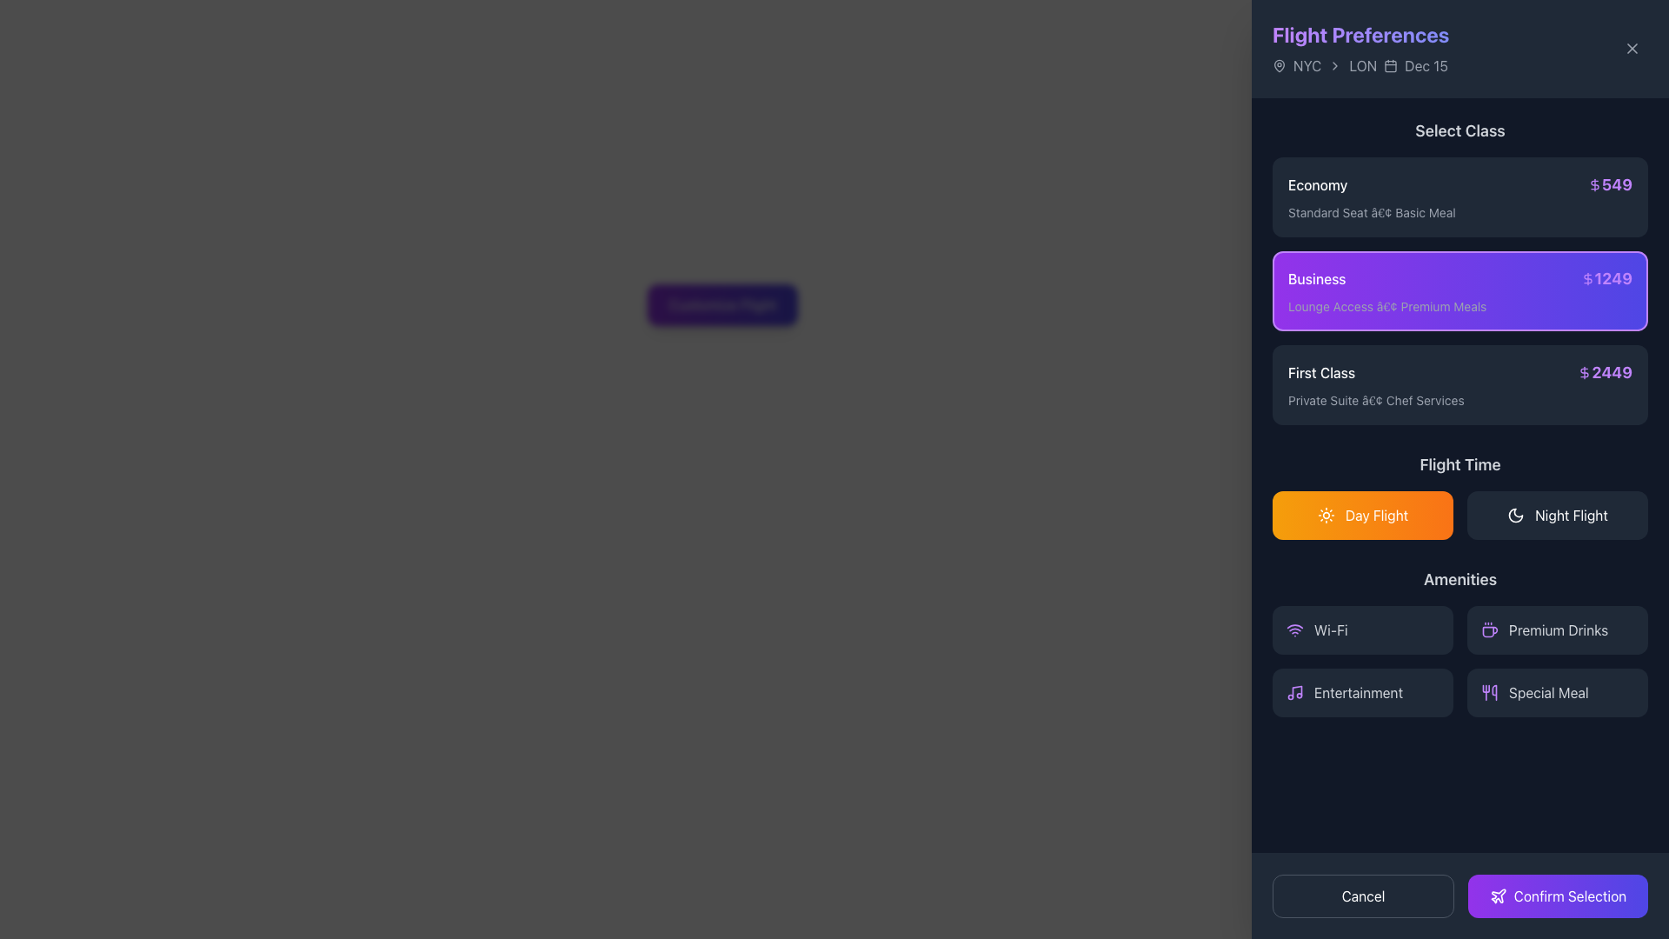 This screenshot has width=1669, height=939. Describe the element at coordinates (1280, 65) in the screenshot. I see `the pin icon located in the top-left section of the sidebar interface, next to the text 'NYC', which is the first element of the breadcrumb-like sequence` at that location.